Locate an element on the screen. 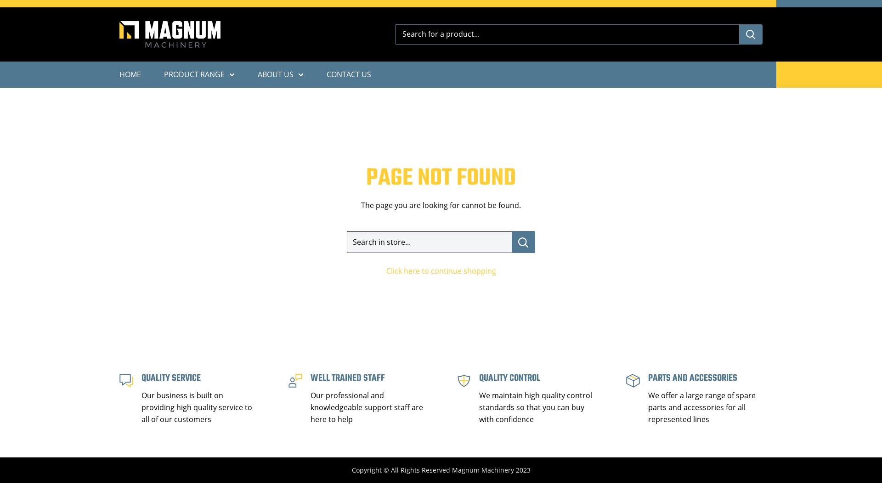 The height and width of the screenshot is (496, 882). 'Magnum Machinery' is located at coordinates (170, 34).